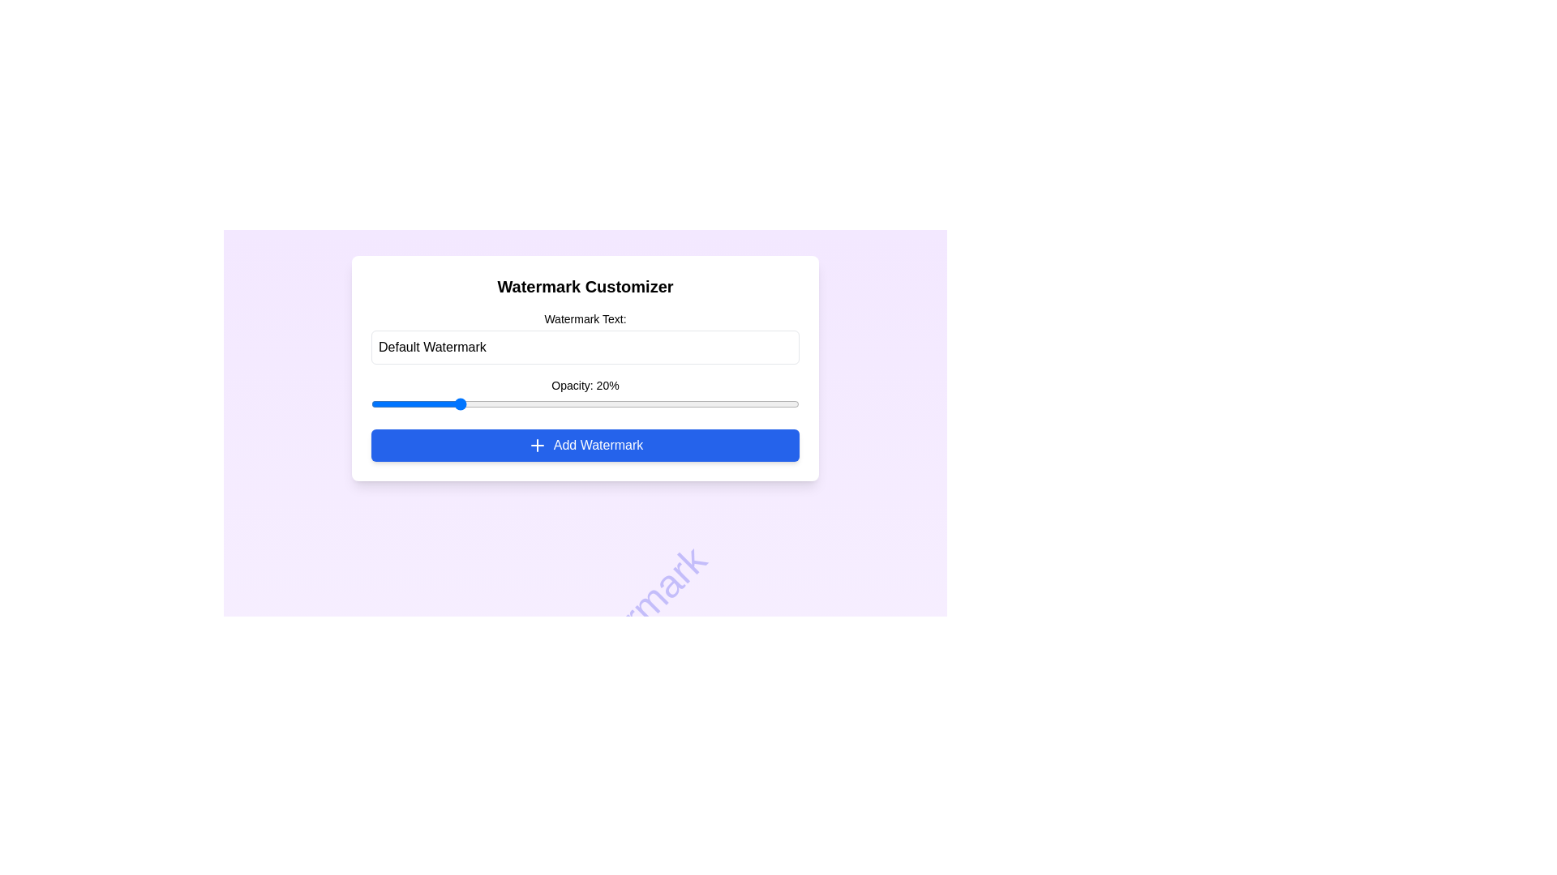 The image size is (1557, 875). What do you see at coordinates (584, 385) in the screenshot?
I see `text displayed on the label that shows 'Opacity: 20%' in the Watermark Customizer section, which is positioned above the slider widget` at bounding box center [584, 385].